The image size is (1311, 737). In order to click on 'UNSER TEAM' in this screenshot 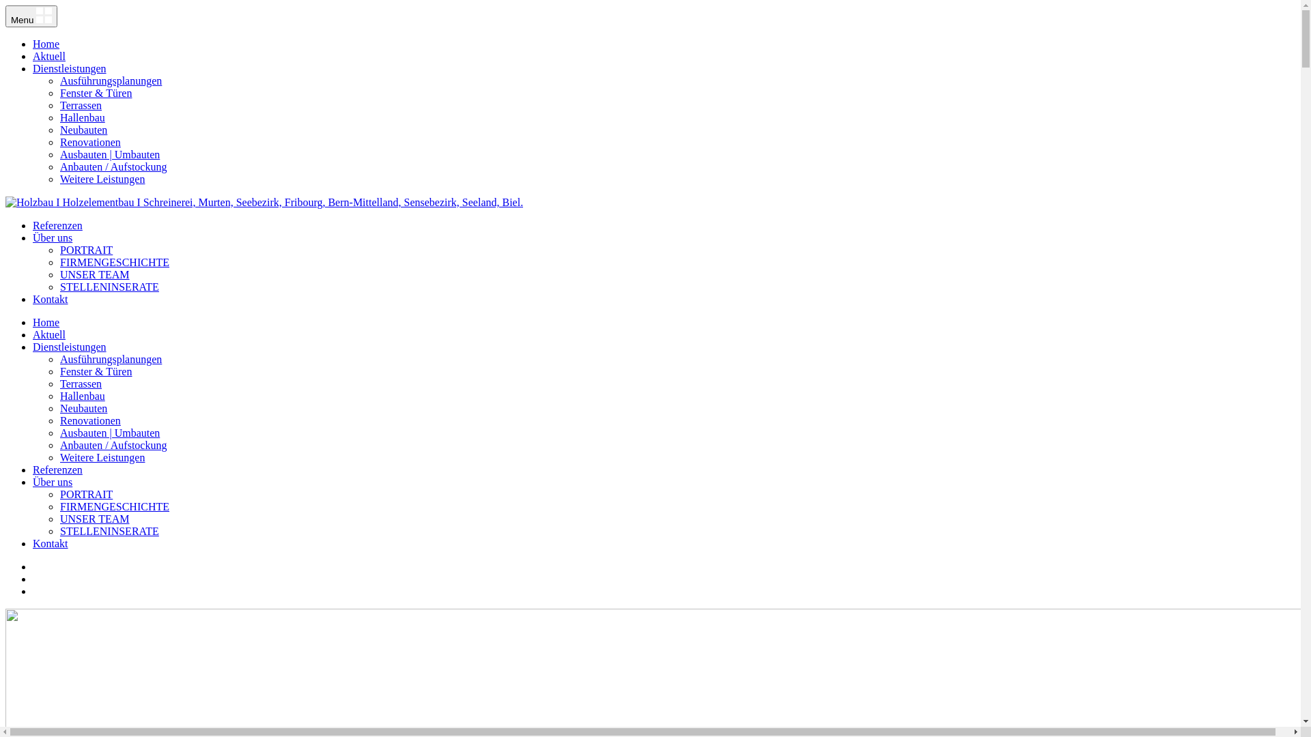, I will do `click(94, 519)`.